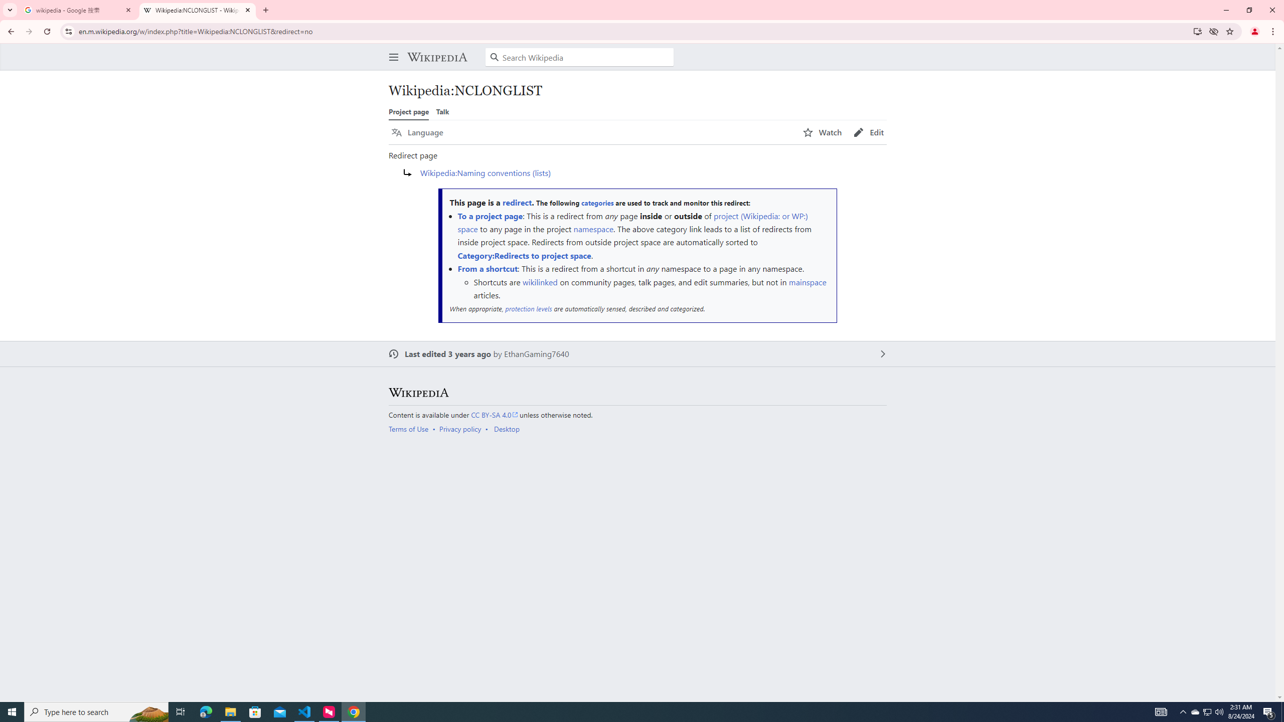 This screenshot has height=722, width=1284. What do you see at coordinates (579, 57) in the screenshot?
I see `'Search Wikipedia'` at bounding box center [579, 57].